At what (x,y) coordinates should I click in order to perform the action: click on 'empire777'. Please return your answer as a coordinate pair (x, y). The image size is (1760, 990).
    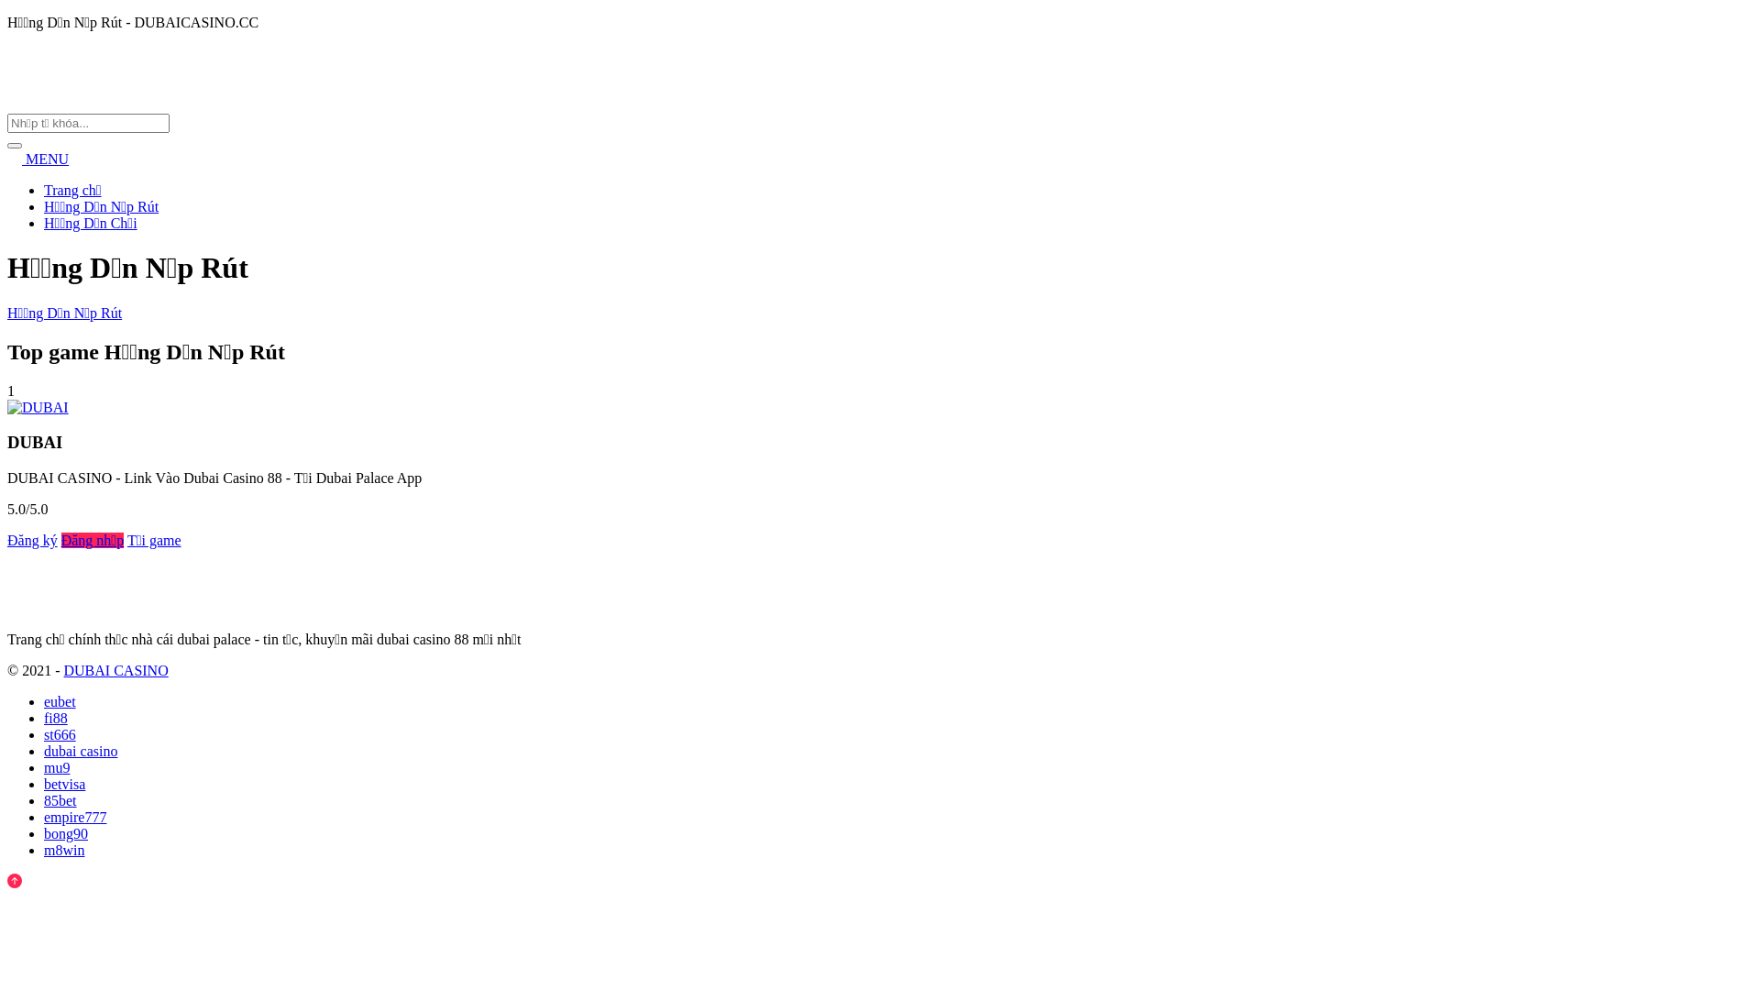
    Looking at the image, I should click on (44, 816).